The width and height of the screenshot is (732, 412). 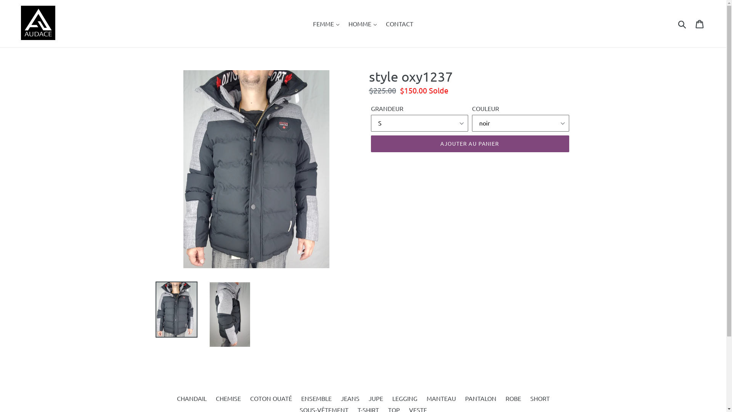 What do you see at coordinates (441, 398) in the screenshot?
I see `'MANTEAU'` at bounding box center [441, 398].